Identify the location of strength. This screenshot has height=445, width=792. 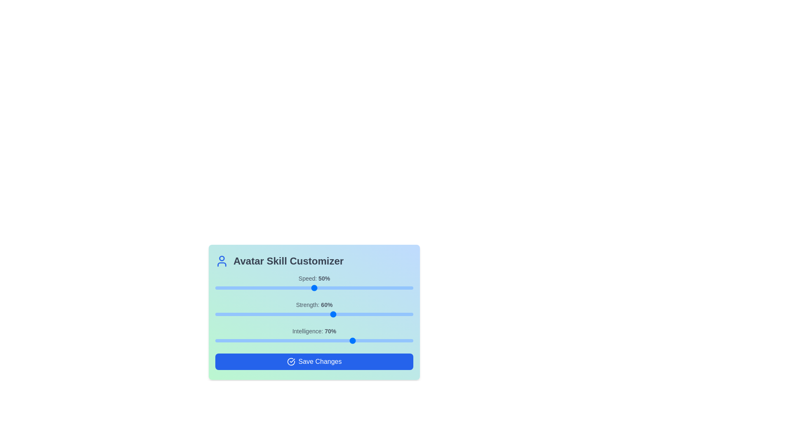
(266, 314).